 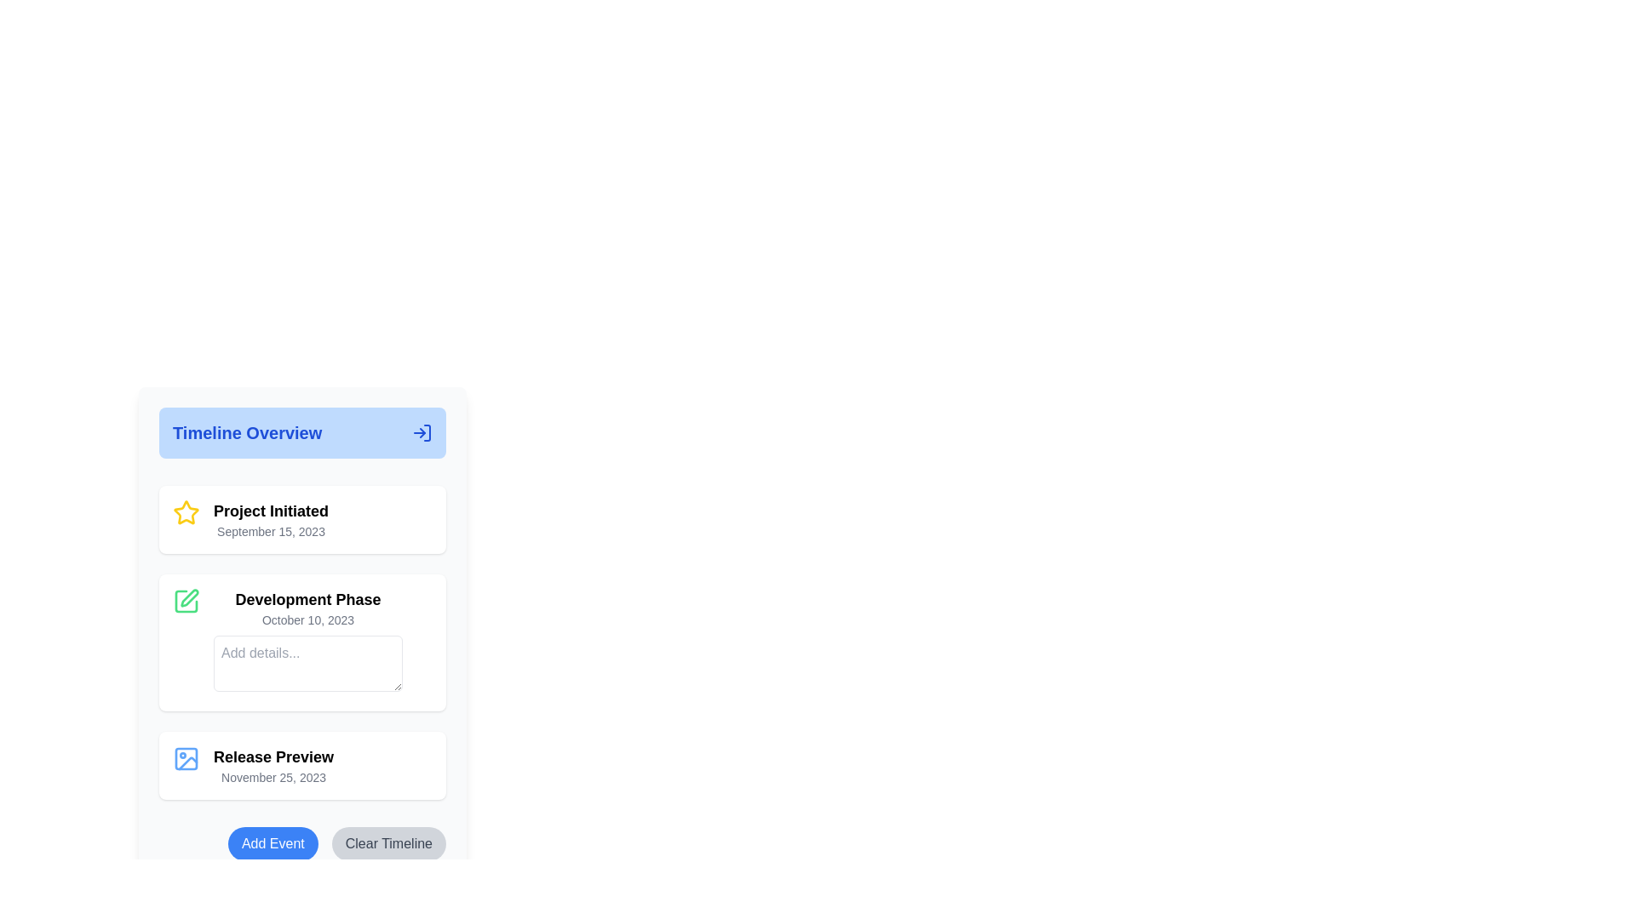 I want to click on the Text label that serves as the title for a specific event in the timeline, located above the date 'November 25, 2023' and below 'Development Phase', so click(x=273, y=756).